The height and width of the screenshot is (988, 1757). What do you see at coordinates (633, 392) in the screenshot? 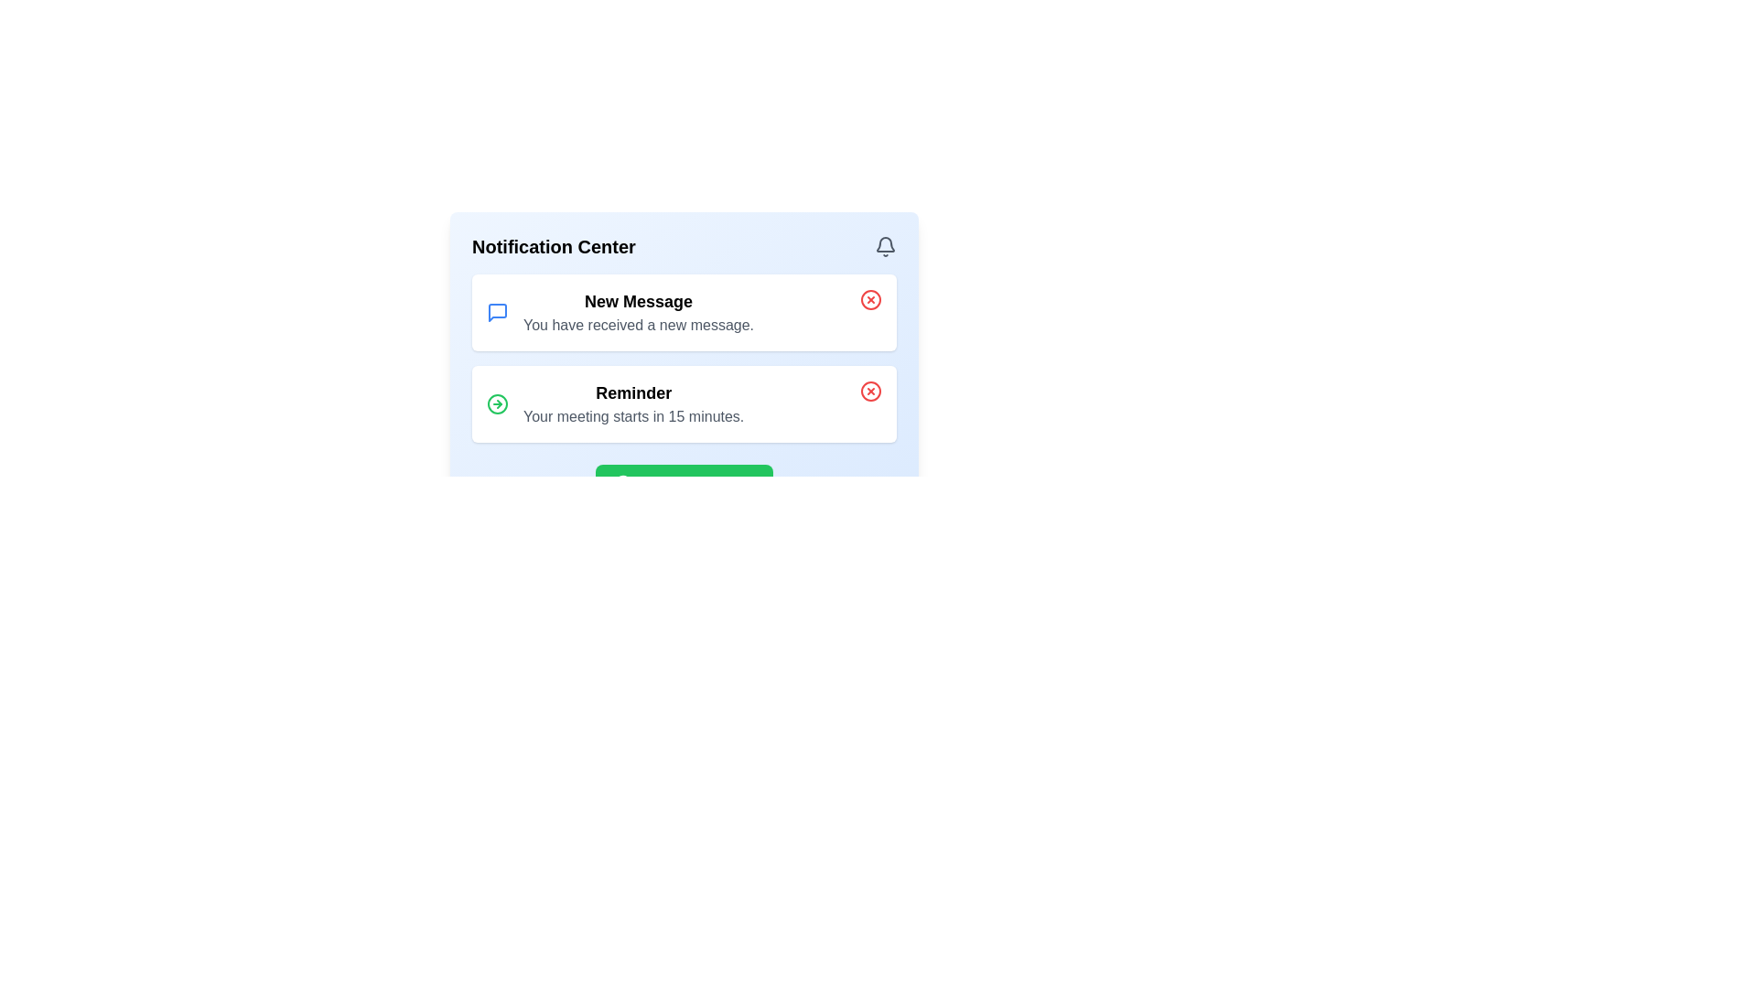
I see `title text label of the notification card situated above the supportive text that indicates 'Your meeting starts in 15 minutes.'` at bounding box center [633, 392].